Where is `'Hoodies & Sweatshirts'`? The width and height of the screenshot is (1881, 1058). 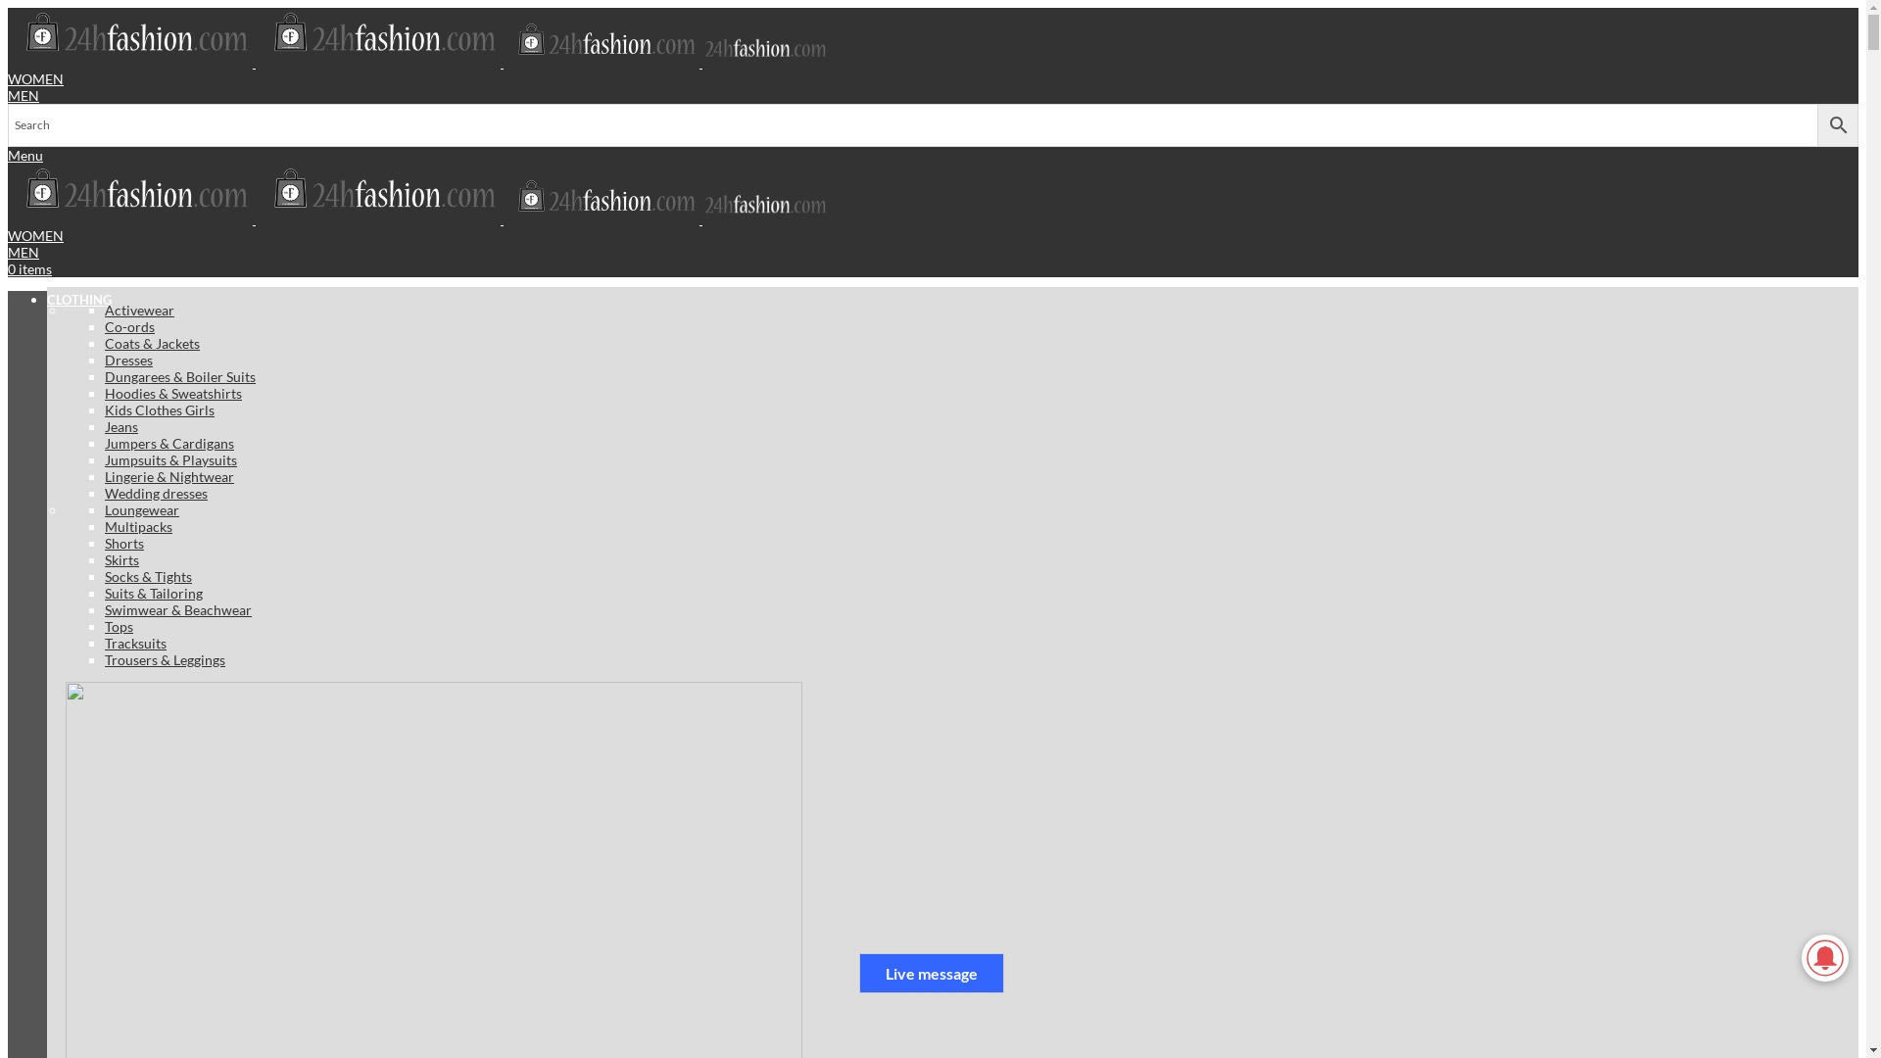 'Hoodies & Sweatshirts' is located at coordinates (173, 392).